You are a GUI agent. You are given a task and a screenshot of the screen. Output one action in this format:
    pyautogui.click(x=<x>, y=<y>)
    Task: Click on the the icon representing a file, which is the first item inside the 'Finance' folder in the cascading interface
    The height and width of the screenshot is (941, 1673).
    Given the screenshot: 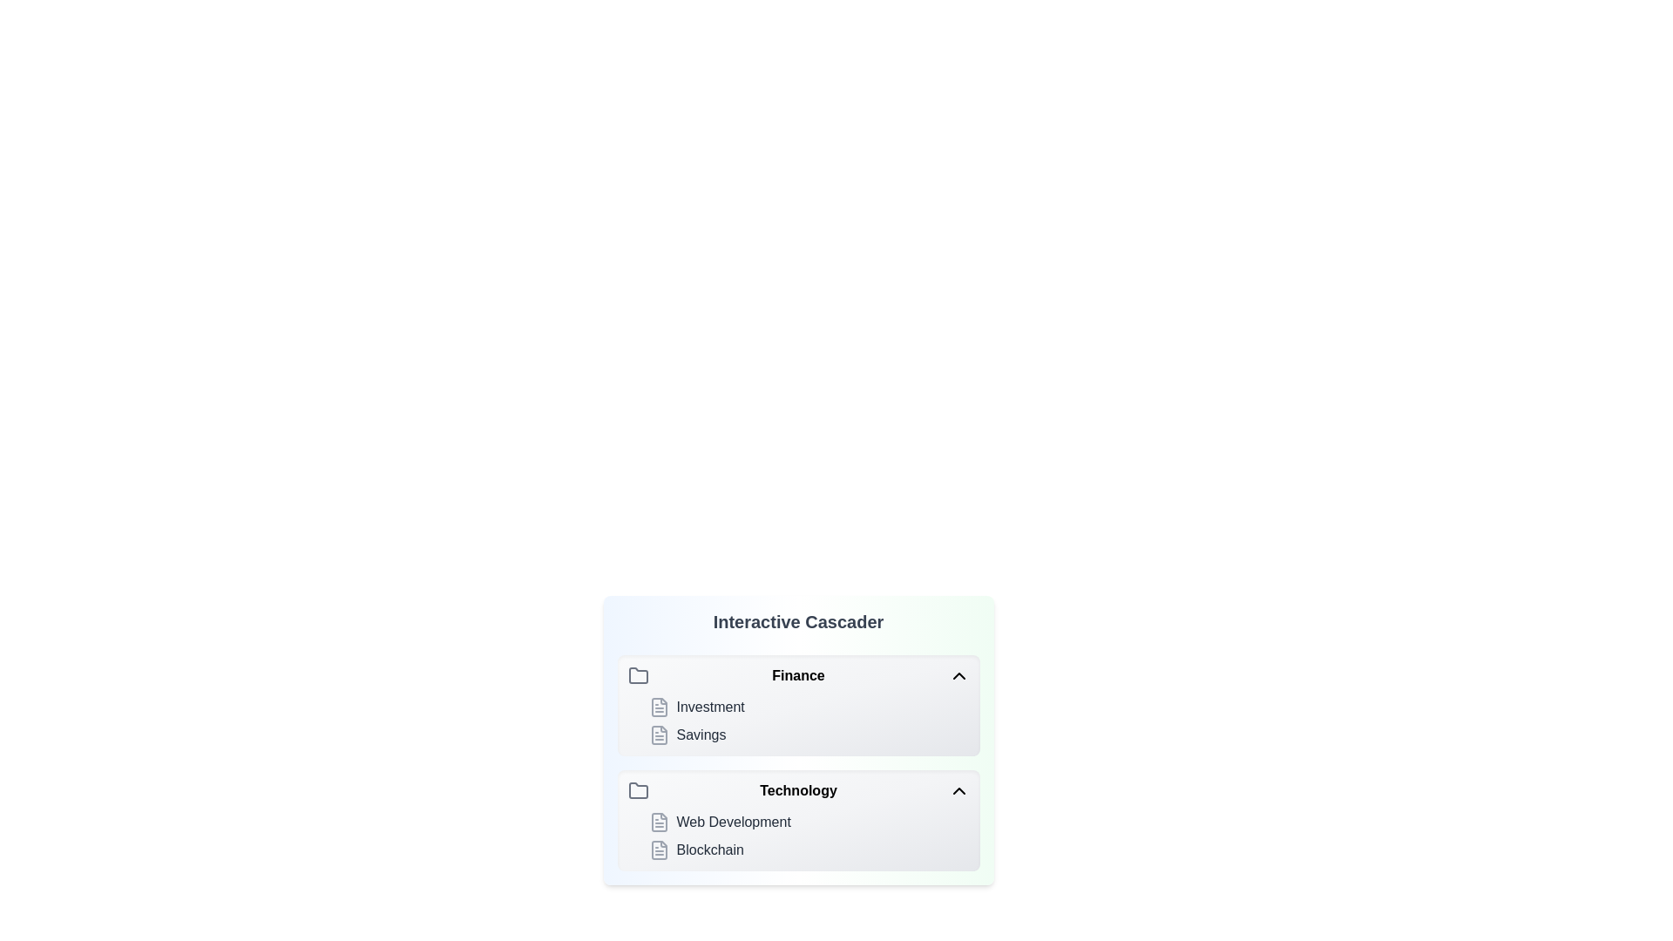 What is the action you would take?
    pyautogui.click(x=658, y=707)
    